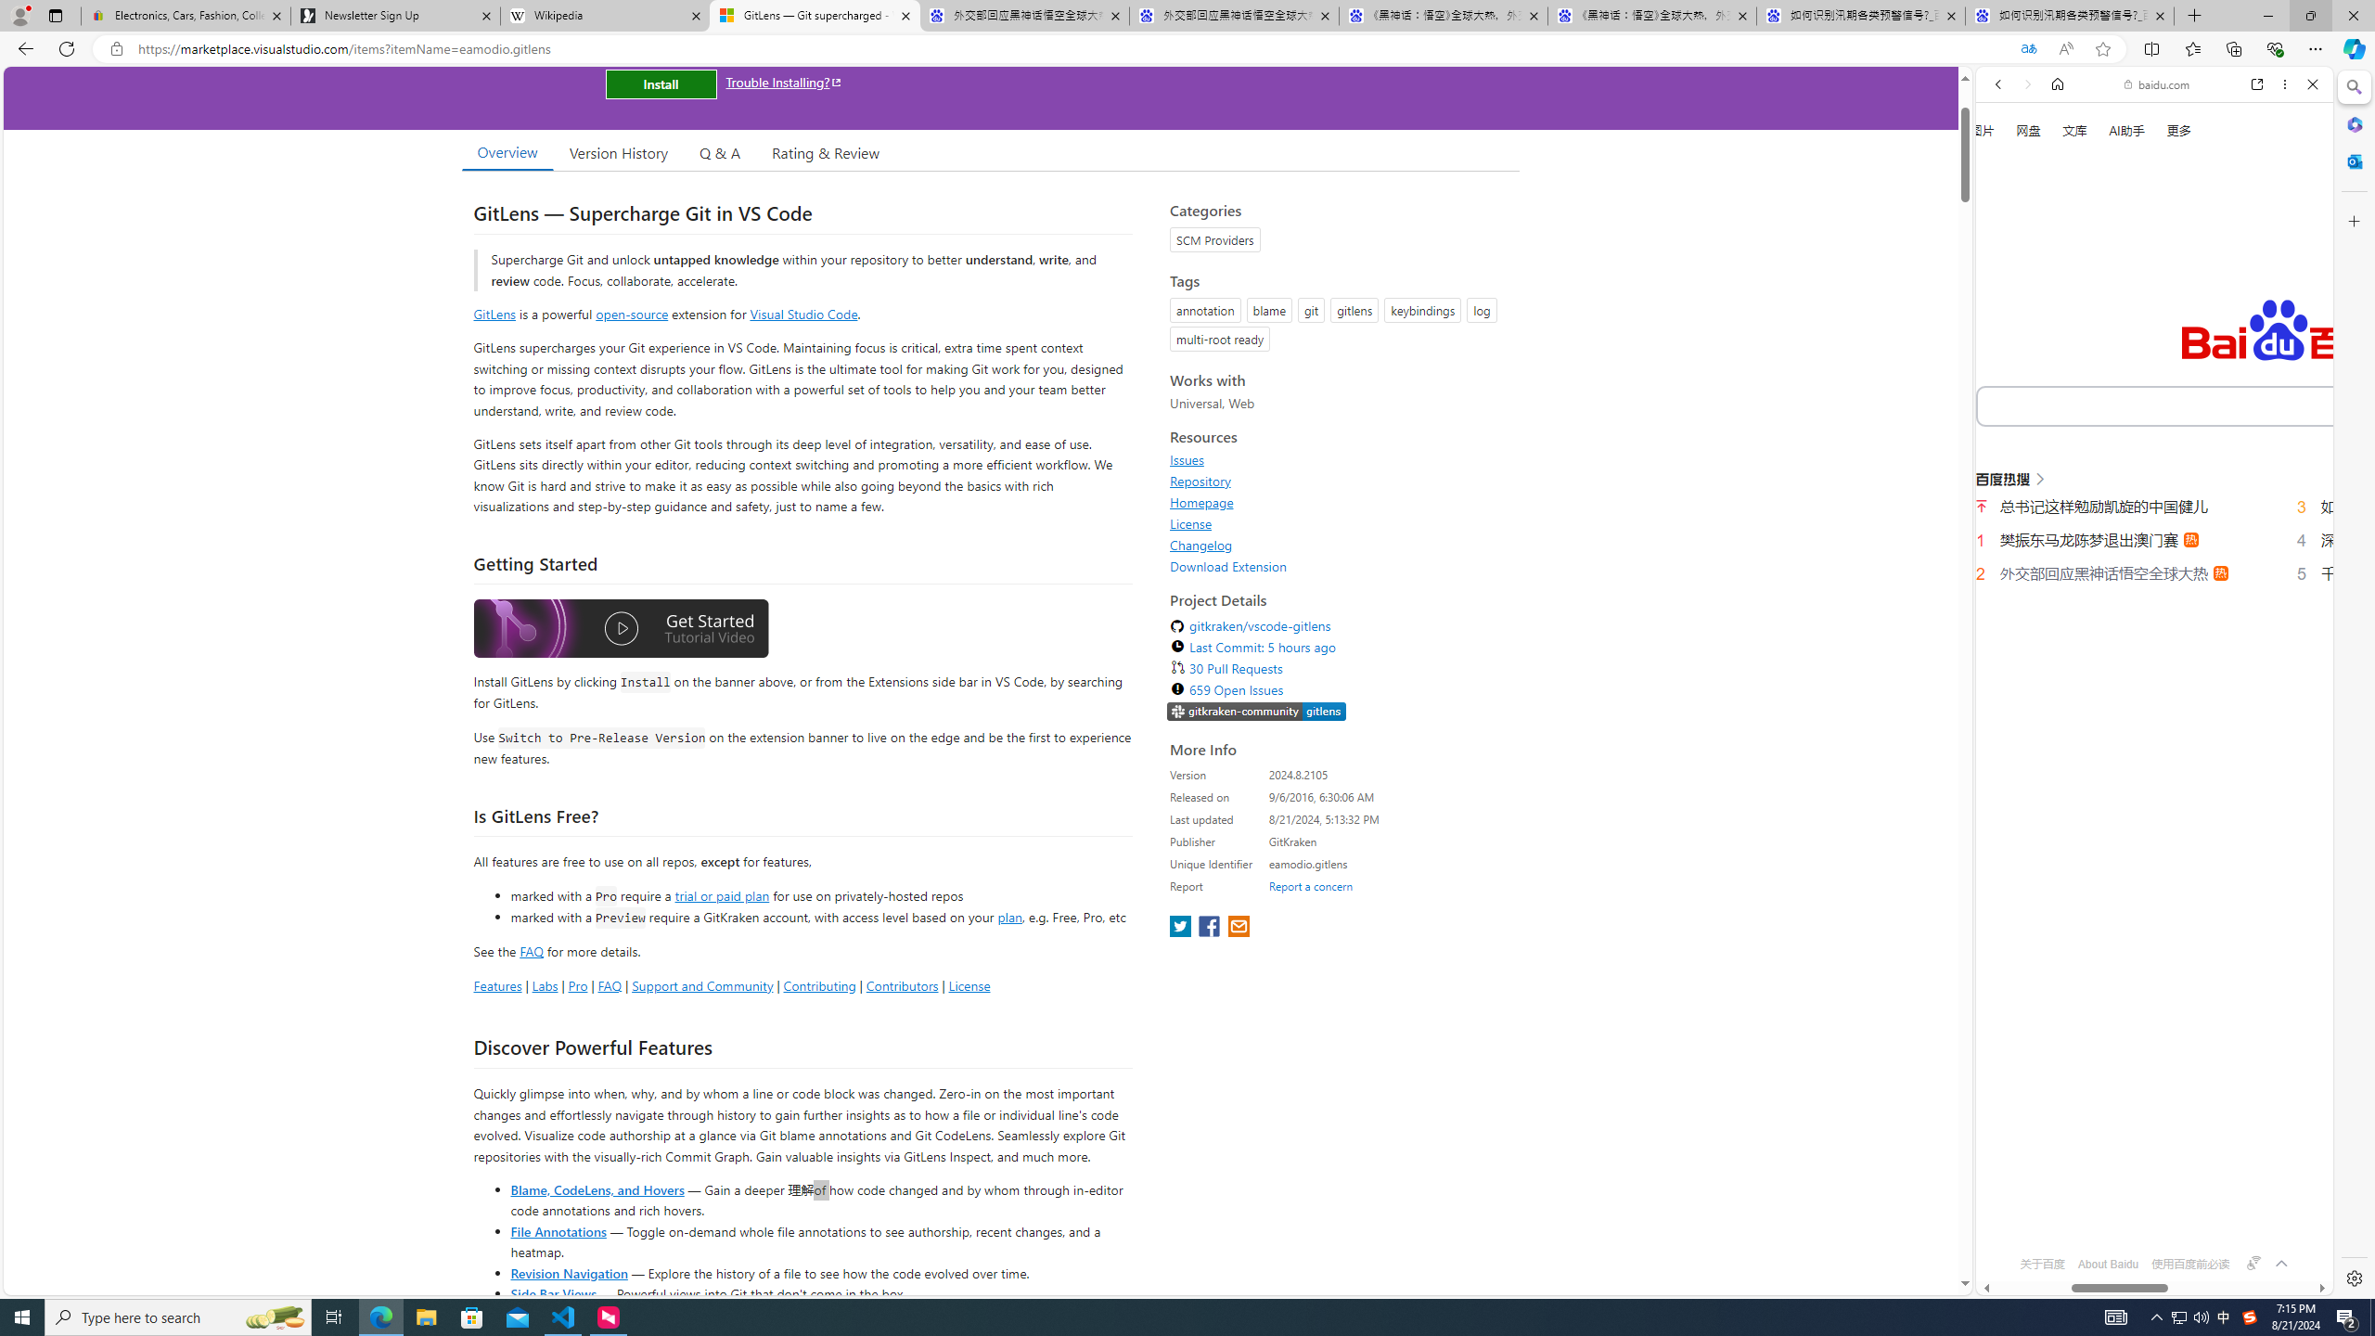 The image size is (2375, 1336). What do you see at coordinates (494, 313) in the screenshot?
I see `'GitLens'` at bounding box center [494, 313].